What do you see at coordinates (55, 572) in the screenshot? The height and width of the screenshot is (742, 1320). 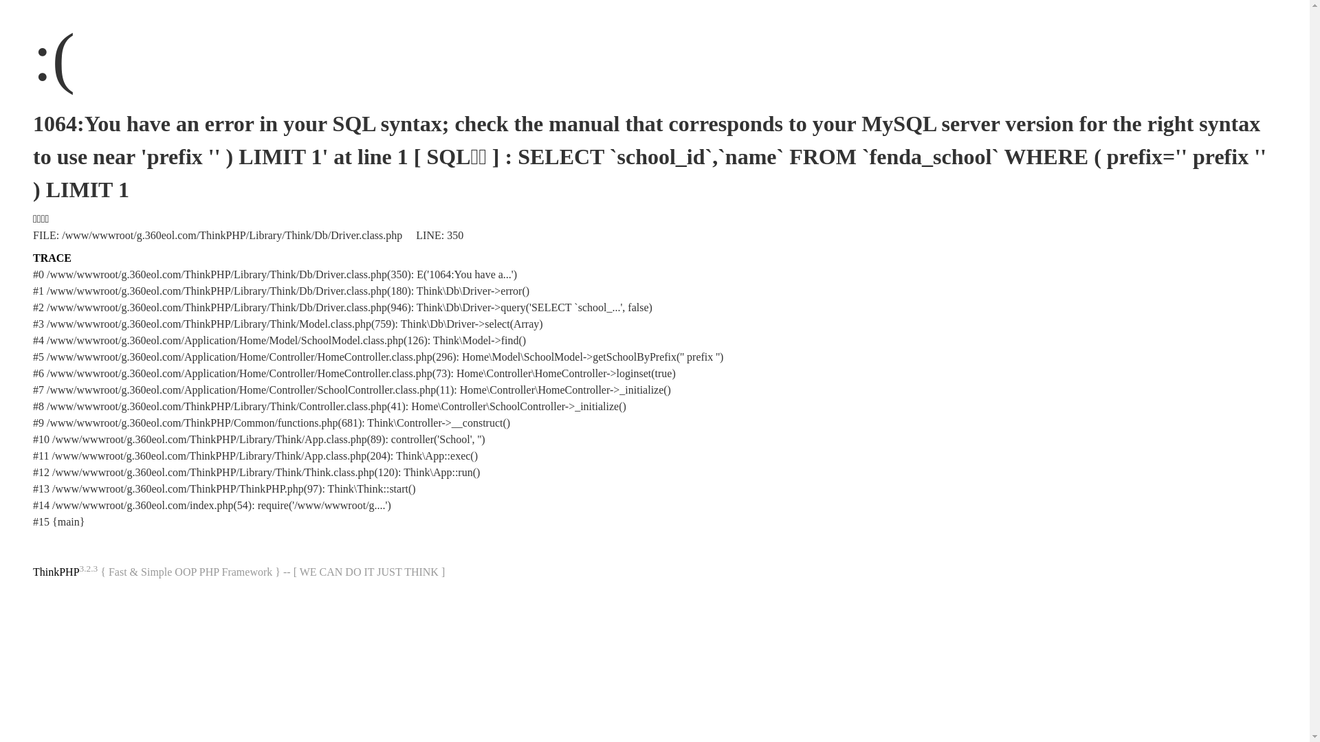 I see `'ThinkPHP'` at bounding box center [55, 572].